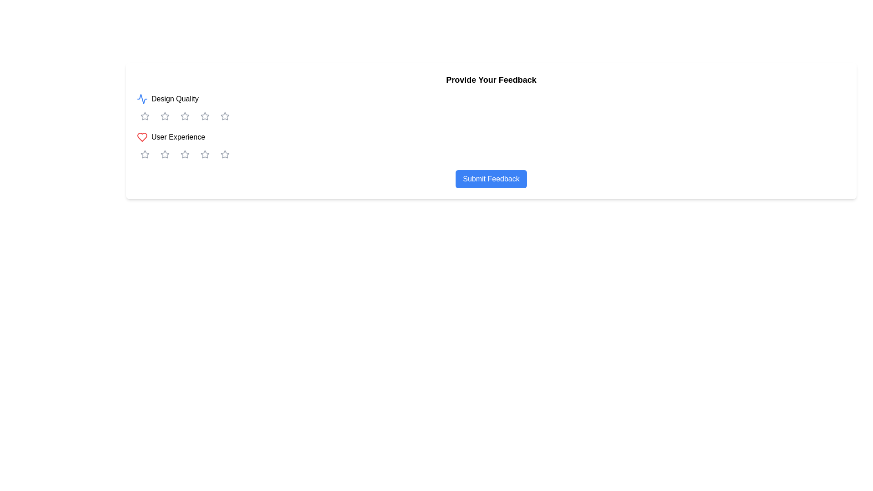 The height and width of the screenshot is (491, 873). What do you see at coordinates (185, 154) in the screenshot?
I see `the third star` at bounding box center [185, 154].